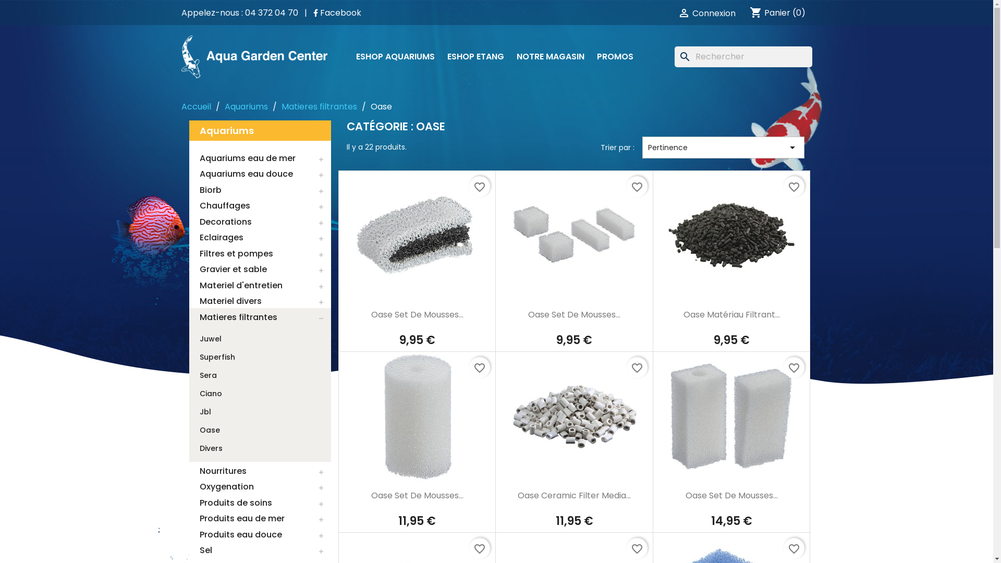 Image resolution: width=1001 pixels, height=563 pixels. What do you see at coordinates (793, 186) in the screenshot?
I see `'favorite_border'` at bounding box center [793, 186].